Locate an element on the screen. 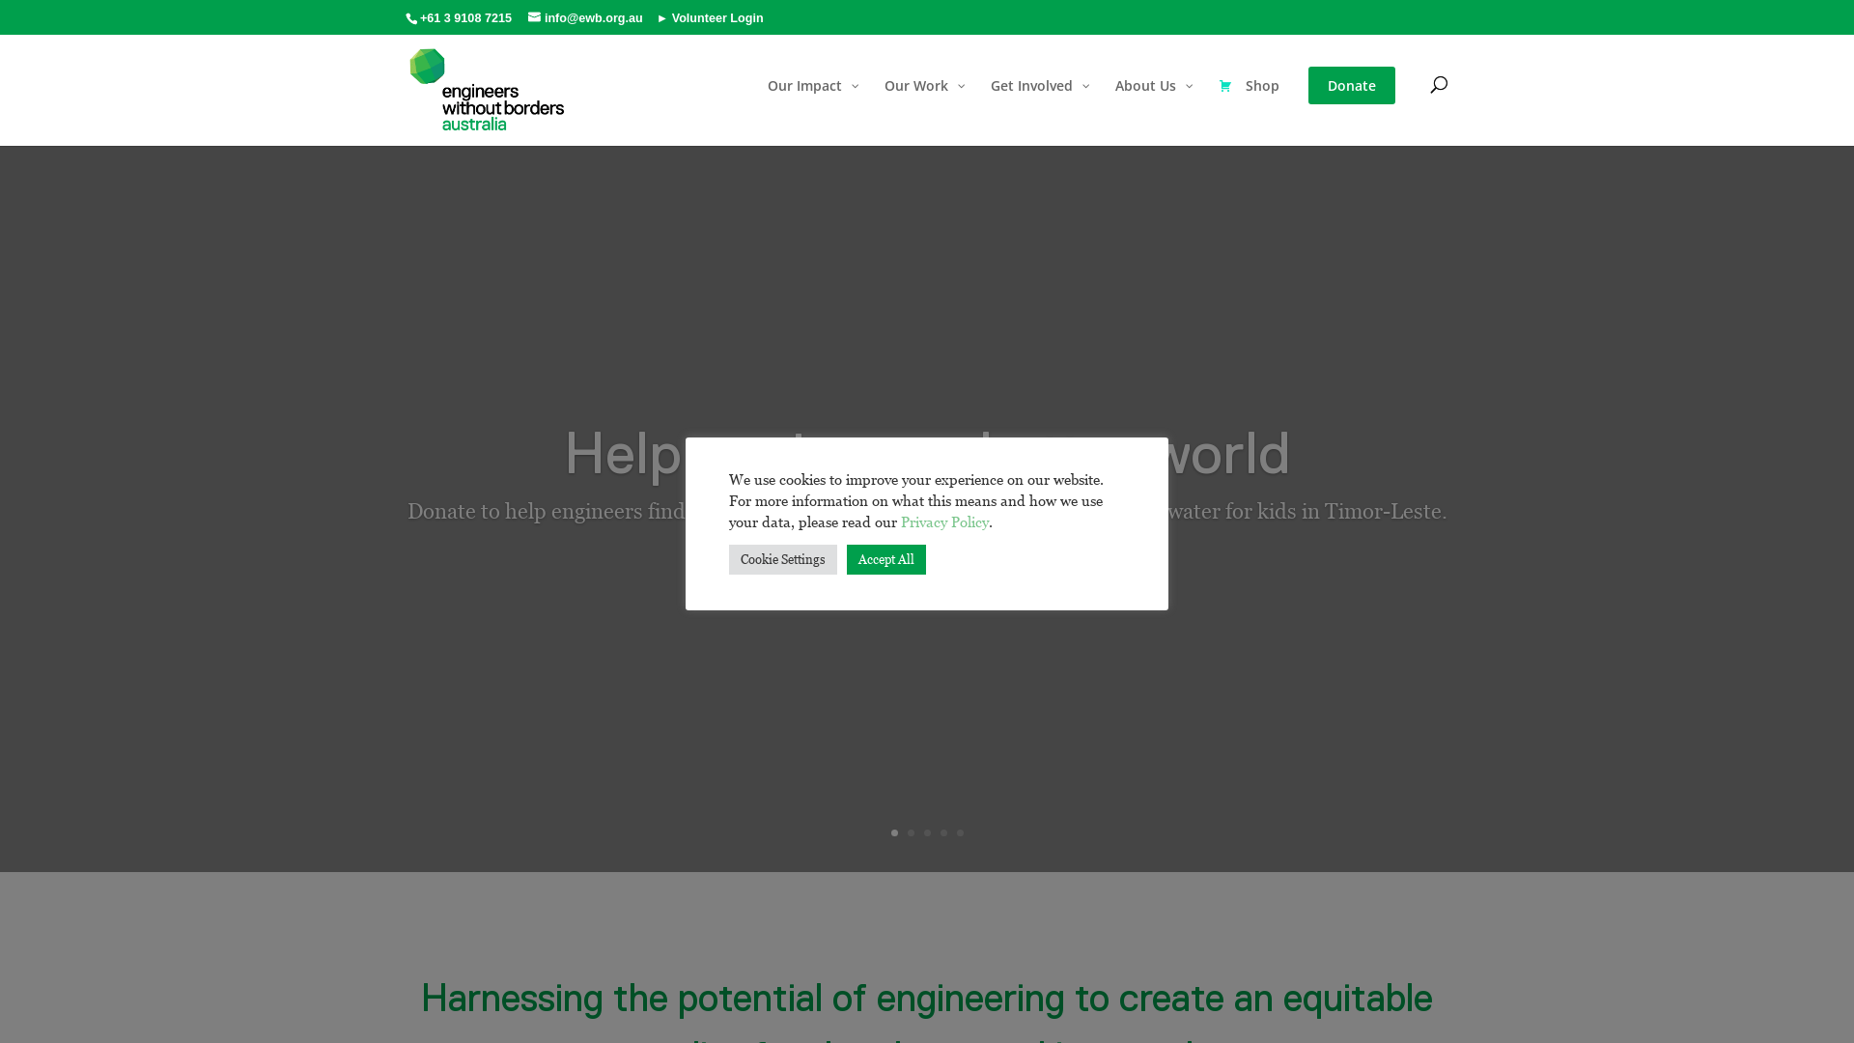 The image size is (1854, 1043). 'Shop' is located at coordinates (1249, 106).